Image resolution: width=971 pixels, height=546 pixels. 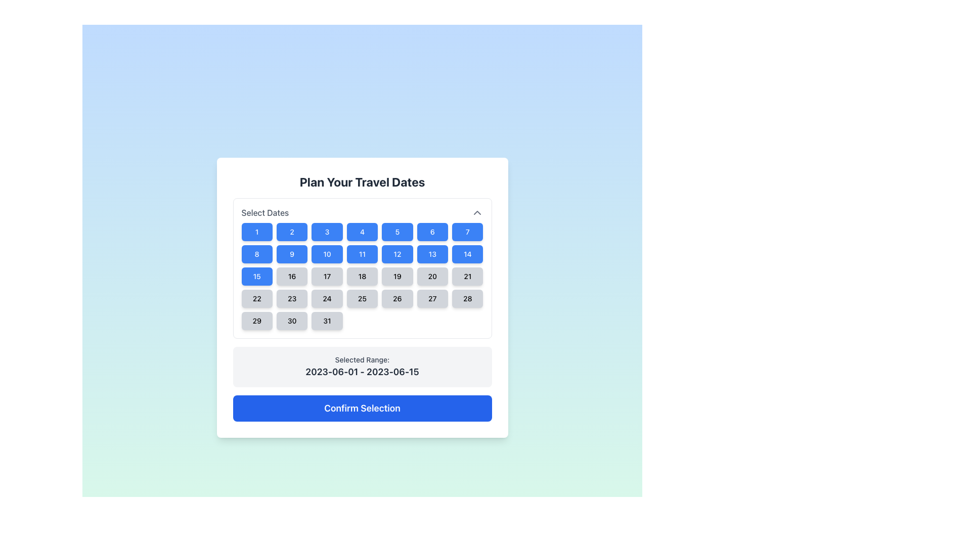 What do you see at coordinates (362, 372) in the screenshot?
I see `the text display element that shows the currently selected date range, located in a gray box labeled 'Selected Range:' below the date selection buttons` at bounding box center [362, 372].